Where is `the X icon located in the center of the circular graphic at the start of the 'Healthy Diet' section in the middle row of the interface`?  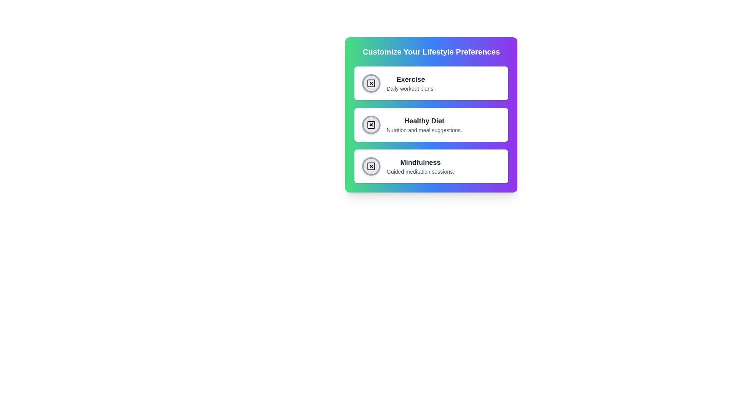
the X icon located in the center of the circular graphic at the start of the 'Healthy Diet' section in the middle row of the interface is located at coordinates (371, 124).